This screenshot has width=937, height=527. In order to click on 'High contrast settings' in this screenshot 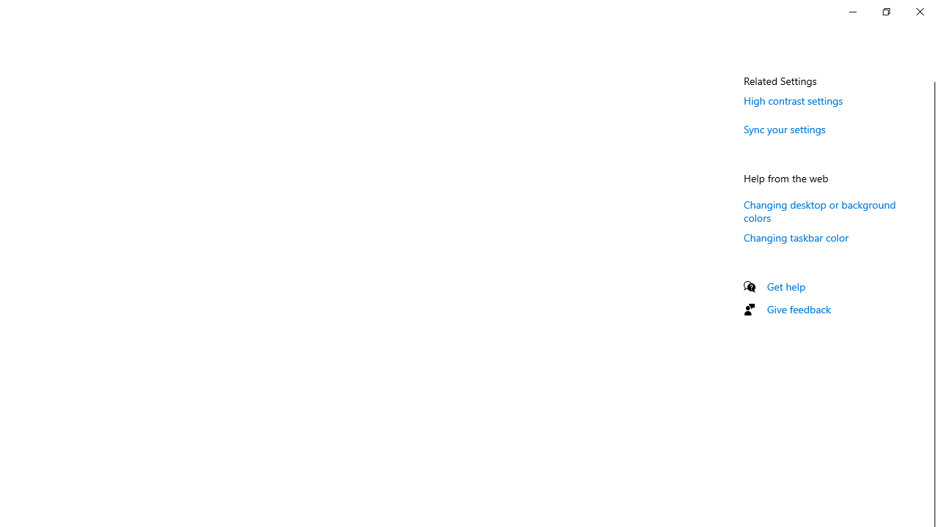, I will do `click(793, 100)`.